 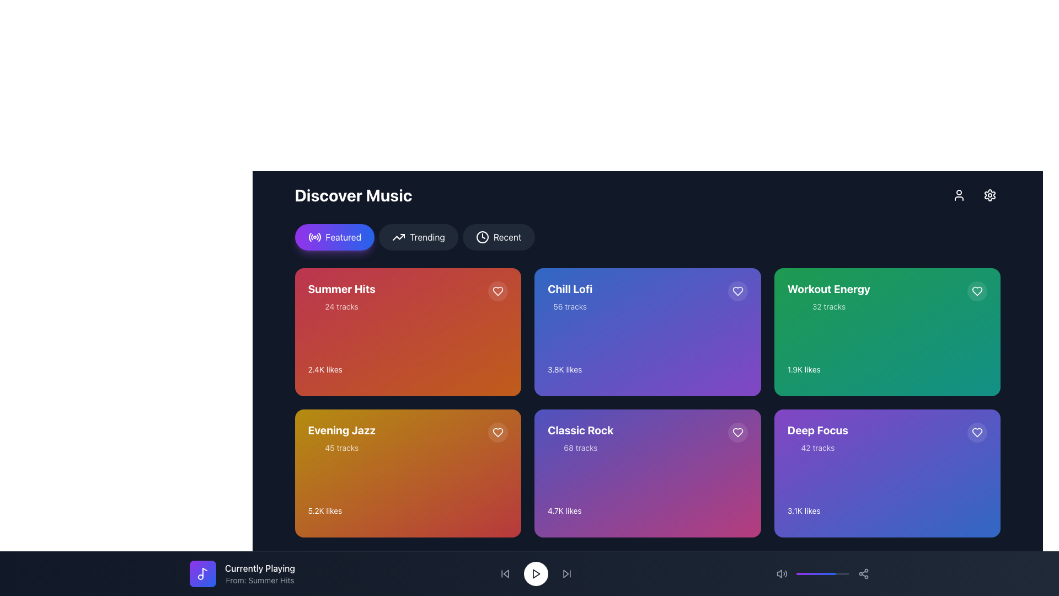 What do you see at coordinates (737, 432) in the screenshot?
I see `the heart icon button located in the top-right corner of the 'Classic Rock' card to like or unlike the music category` at bounding box center [737, 432].